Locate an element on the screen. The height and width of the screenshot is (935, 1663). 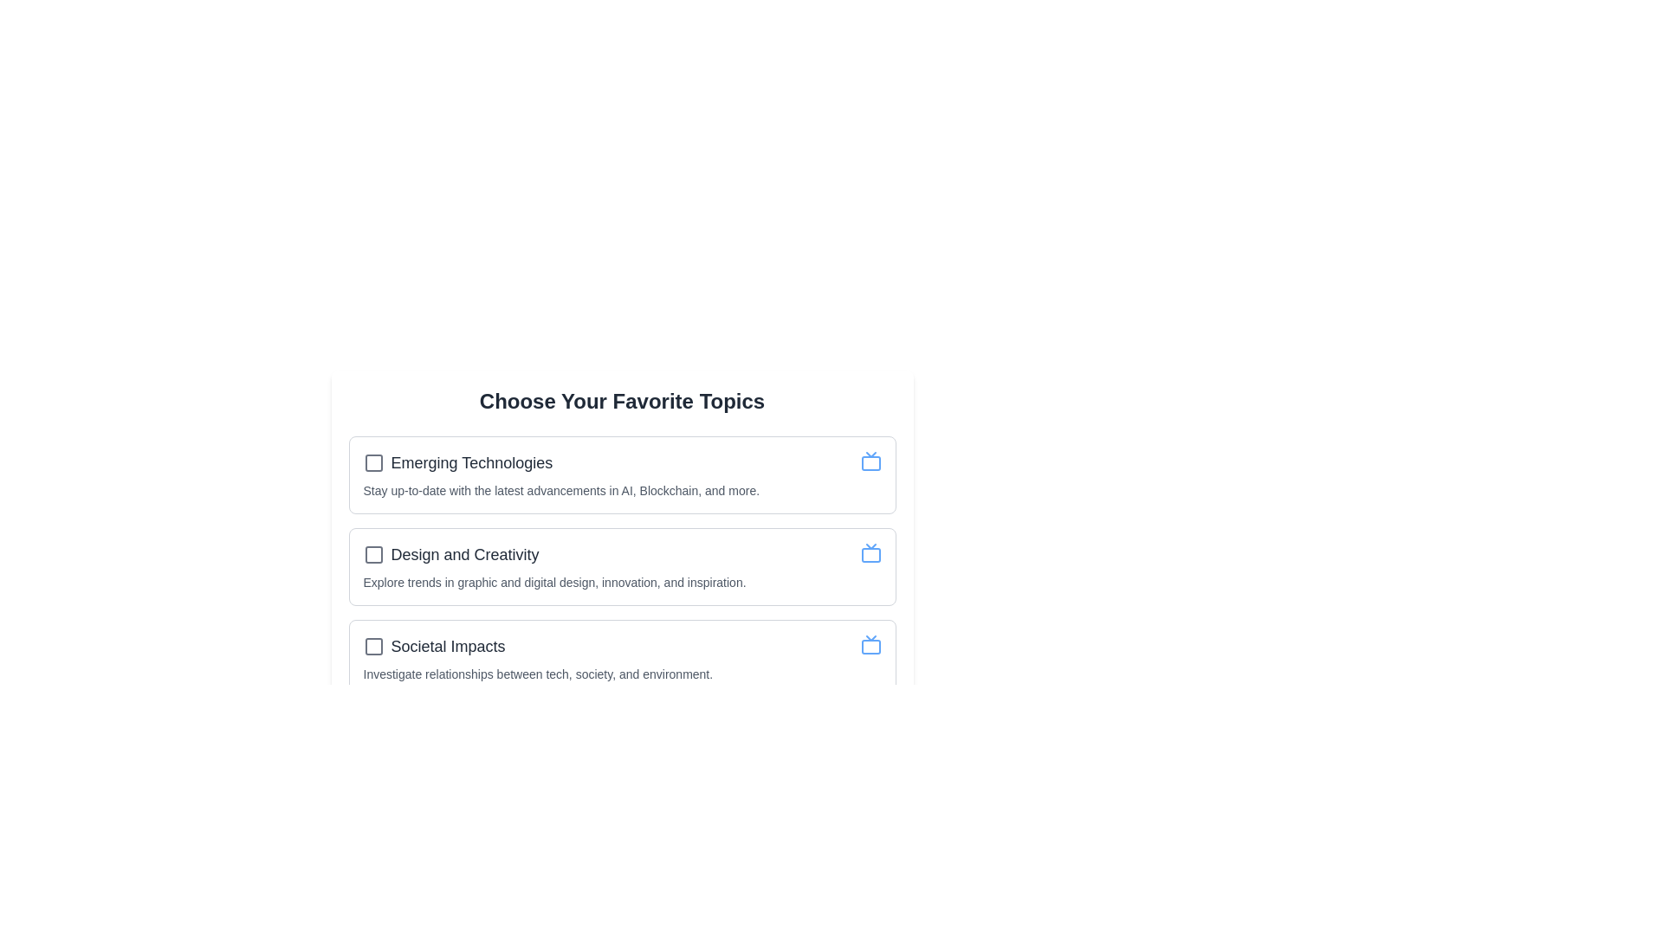
text label titled 'Design and Creativity' which is the second item in a vertically stacked list of topics, located to the right of the checkbox icon is located at coordinates (465, 554).